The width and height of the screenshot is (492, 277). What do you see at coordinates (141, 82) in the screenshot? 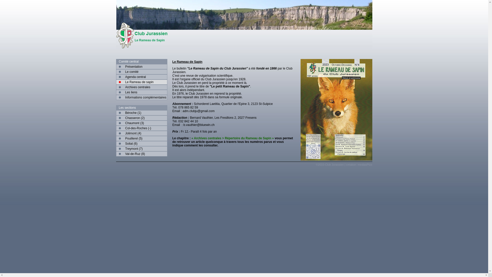
I see `'Le Rameau de sapin'` at bounding box center [141, 82].